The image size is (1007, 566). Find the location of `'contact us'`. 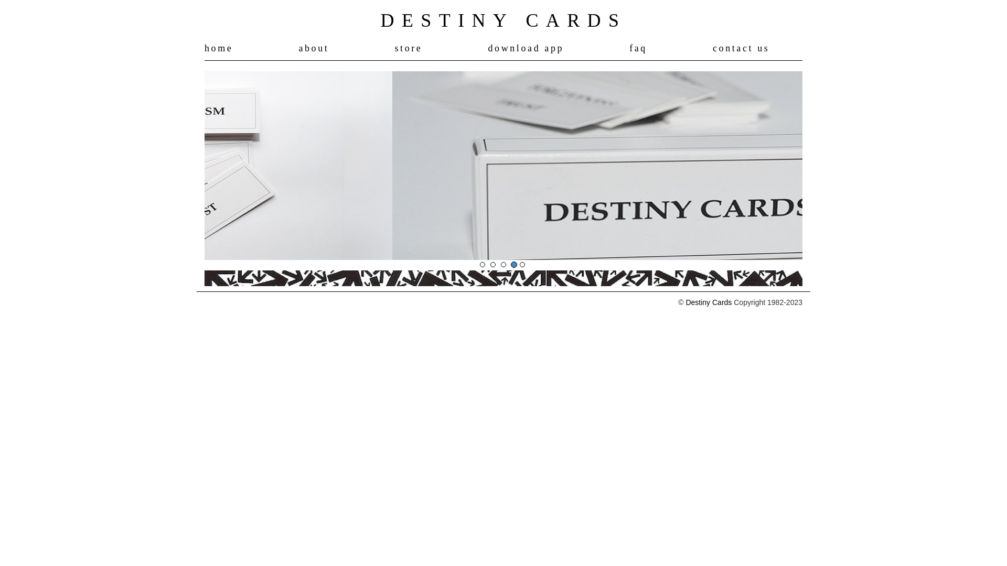

'contact us' is located at coordinates (740, 48).